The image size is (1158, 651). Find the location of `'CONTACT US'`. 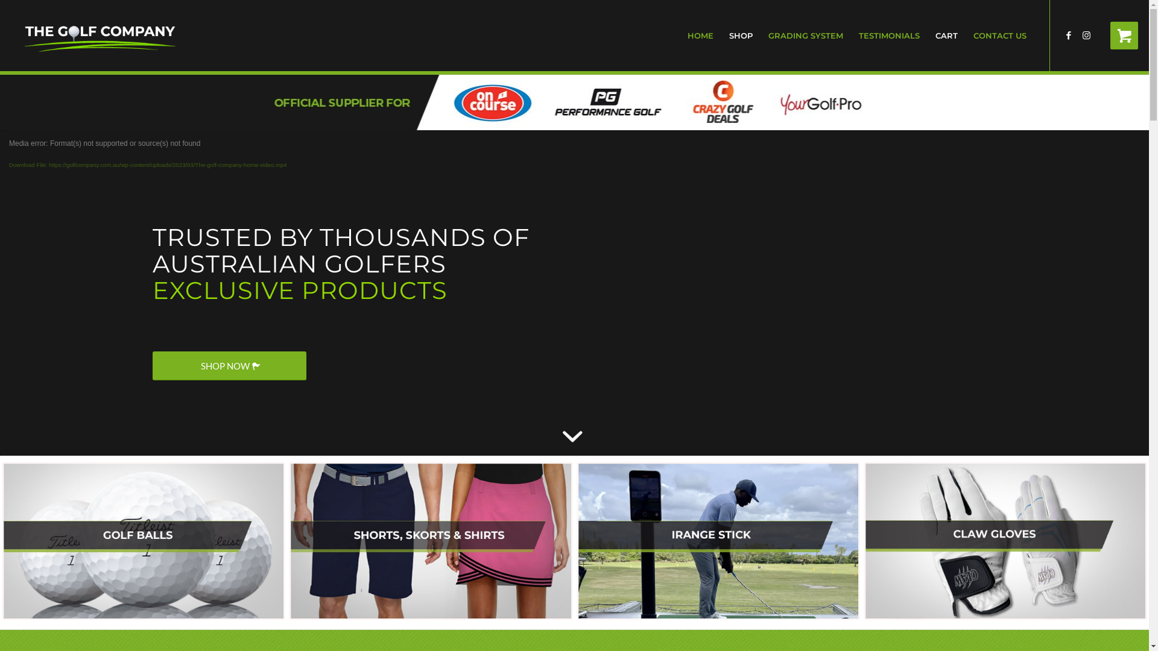

'CONTACT US' is located at coordinates (966, 34).